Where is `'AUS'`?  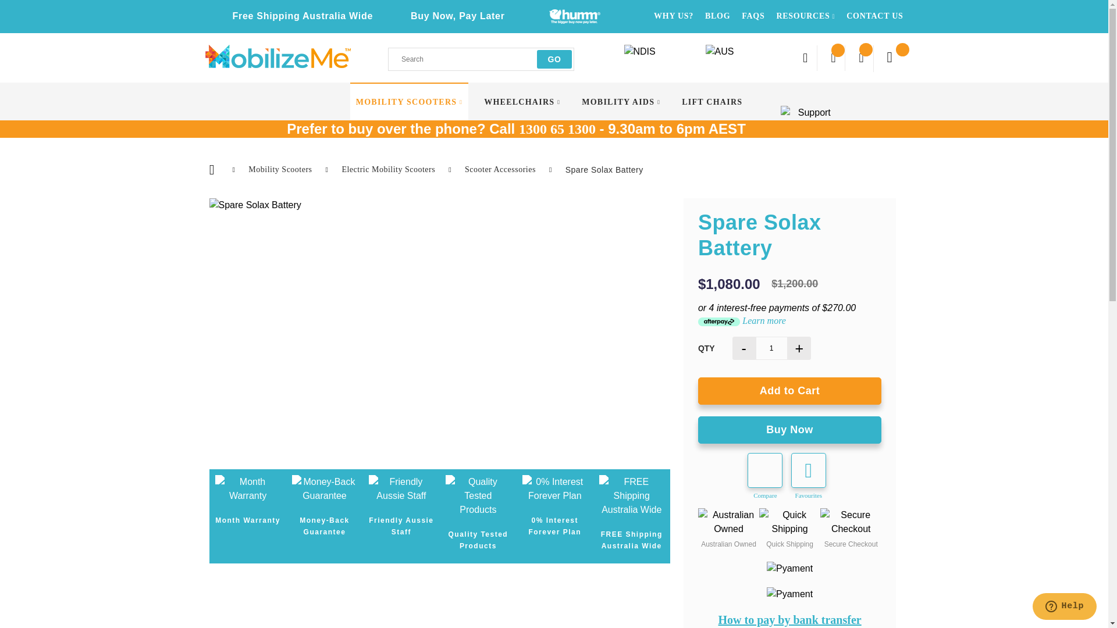 'AUS' is located at coordinates (704, 56).